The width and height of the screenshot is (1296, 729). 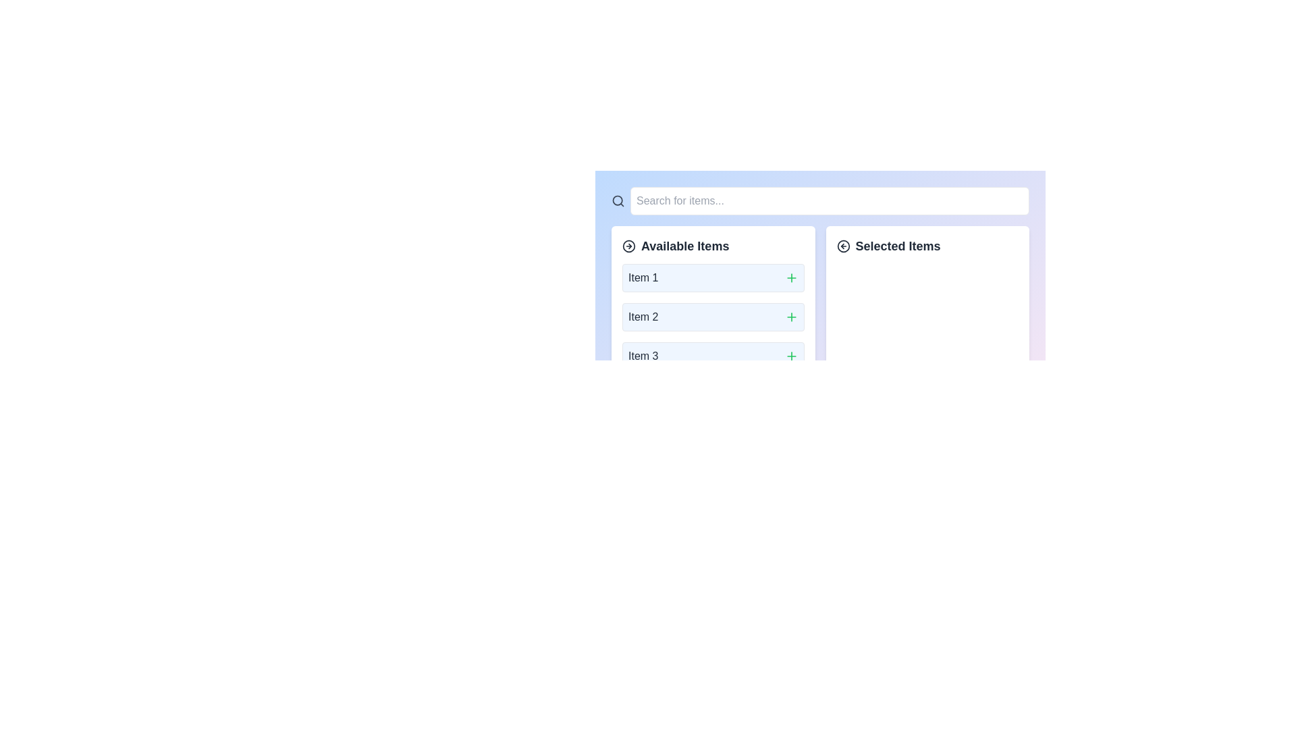 I want to click on the decorative circle SVG element located next to the 'Available Items' label in the interface, so click(x=628, y=246).